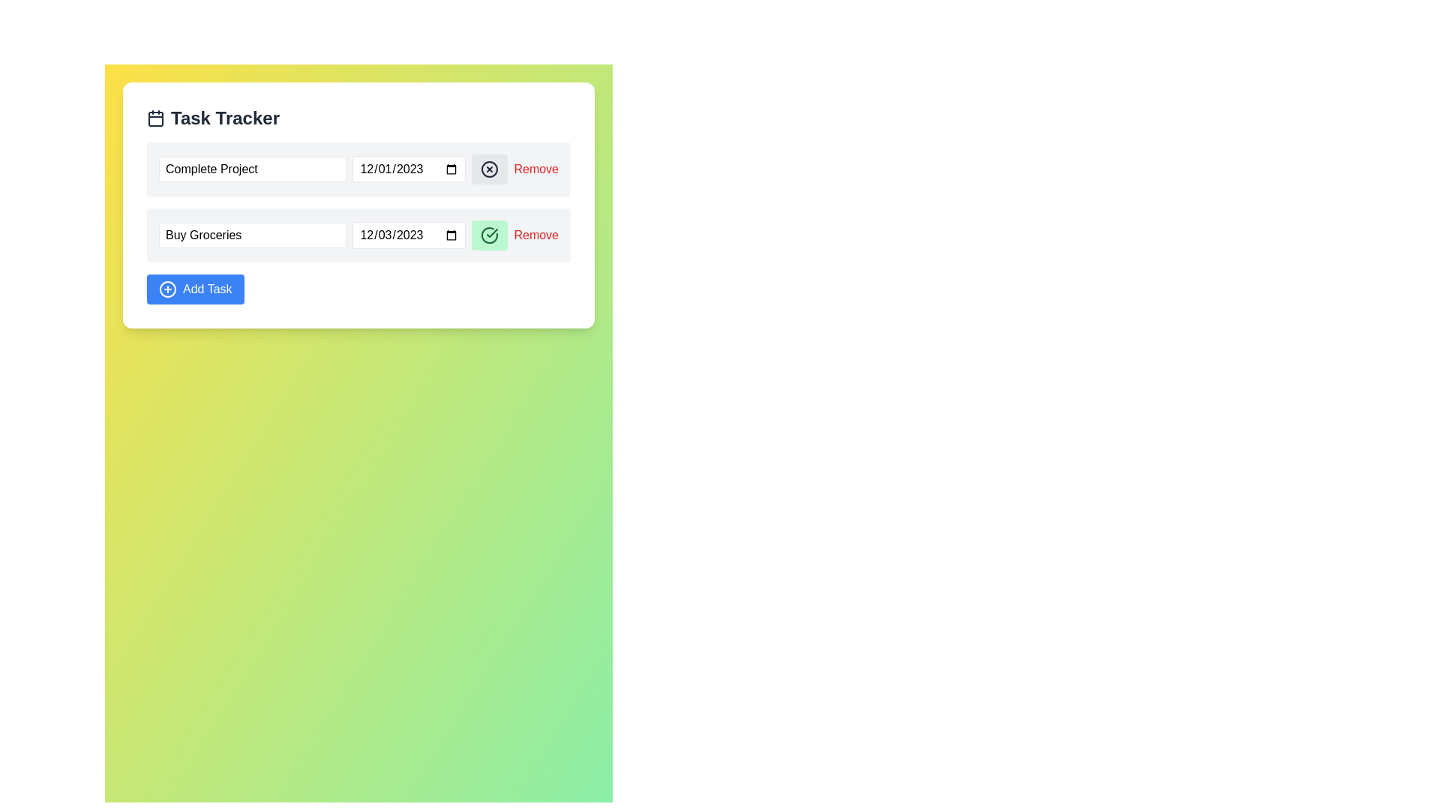 This screenshot has height=810, width=1440. Describe the element at coordinates (492, 233) in the screenshot. I see `the small green checkmark icon indicating completion for the task 'Buy Groceries', located at the far right of its row in the task list` at that location.